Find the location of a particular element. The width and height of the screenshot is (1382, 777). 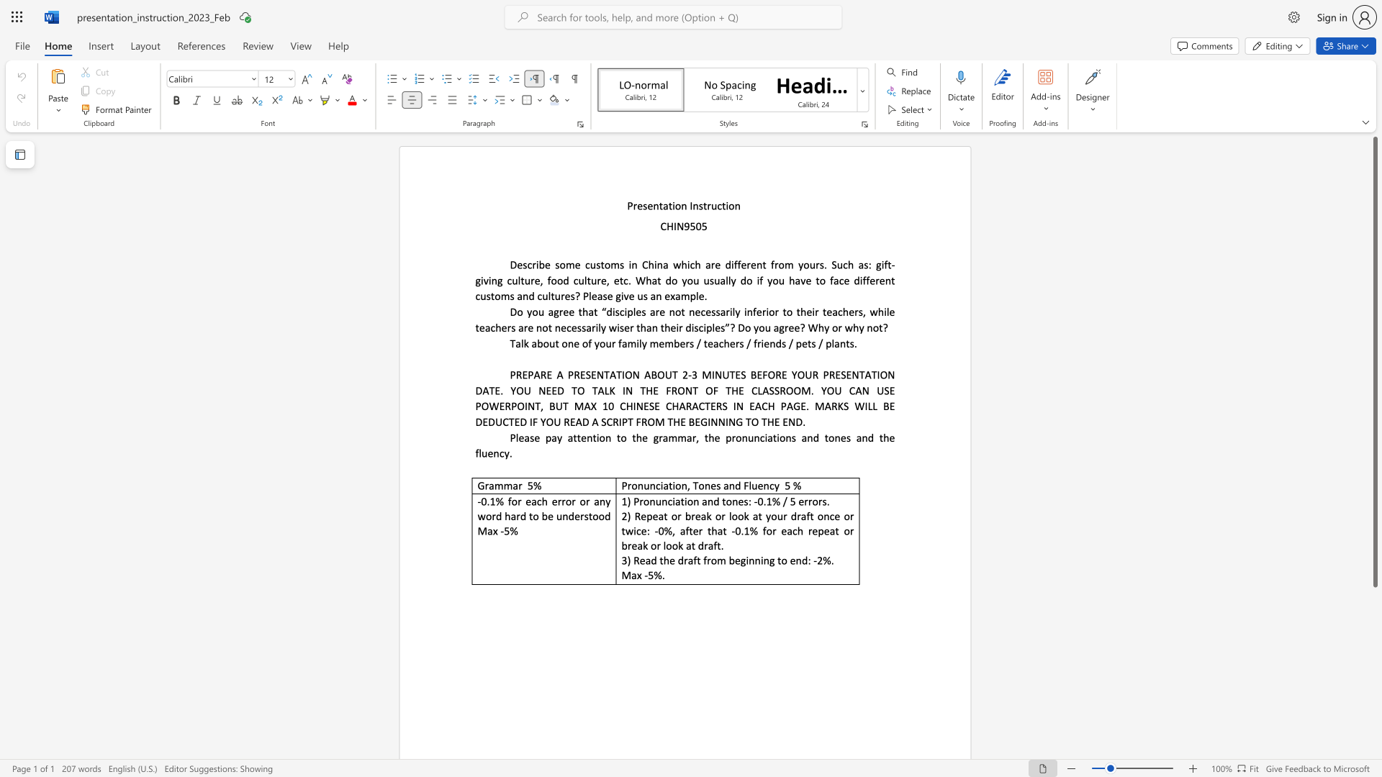

the scrollbar on the right to move the page downward is located at coordinates (1374, 754).